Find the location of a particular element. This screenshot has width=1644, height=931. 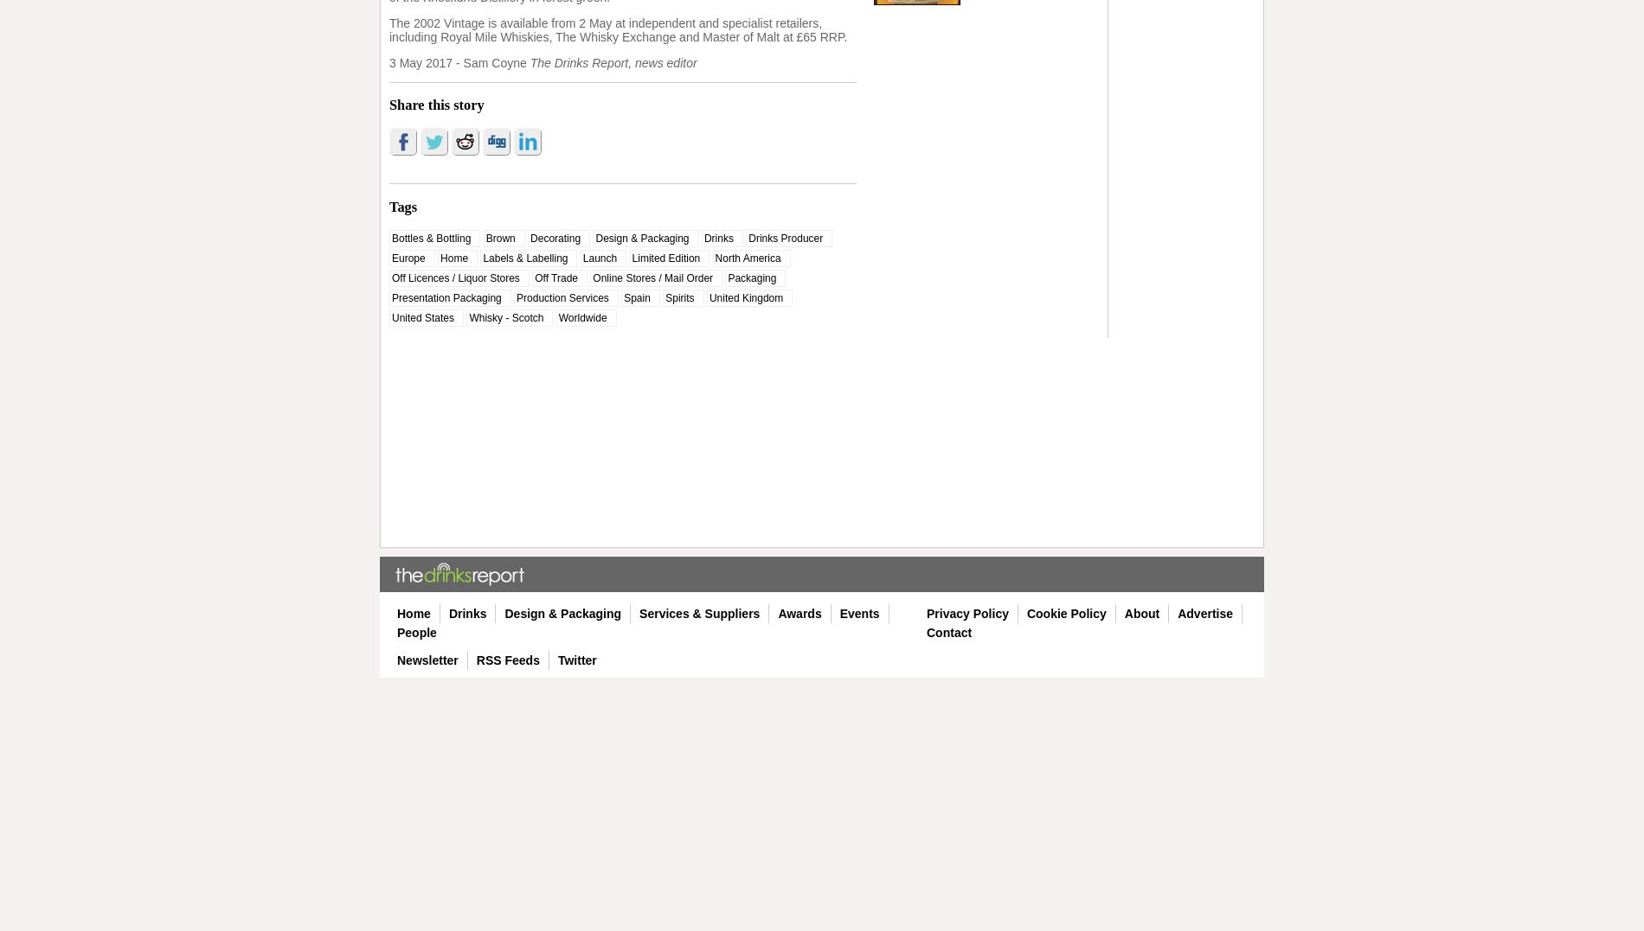

'Worldwide' is located at coordinates (558, 317).